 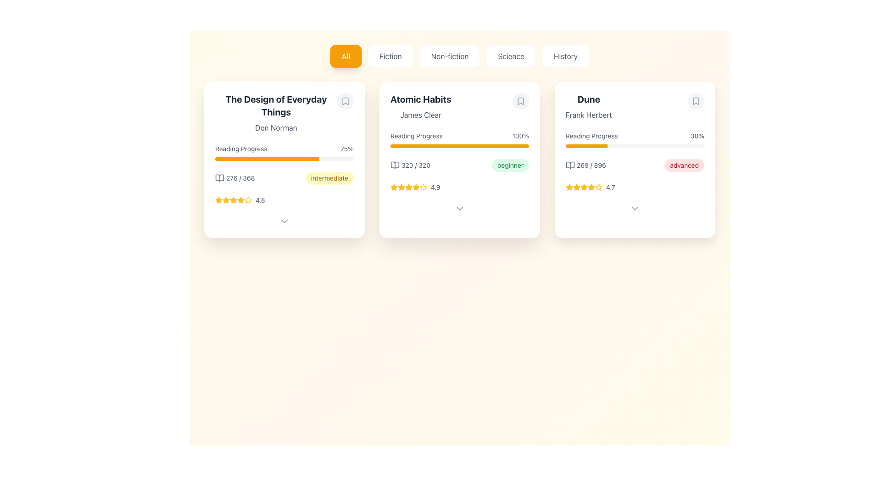 I want to click on the progress visually on the progress bar labeled 'Reading Progress' showing '30%' located in the 'Dune' card under the author 'Frank Herbert', so click(x=634, y=139).